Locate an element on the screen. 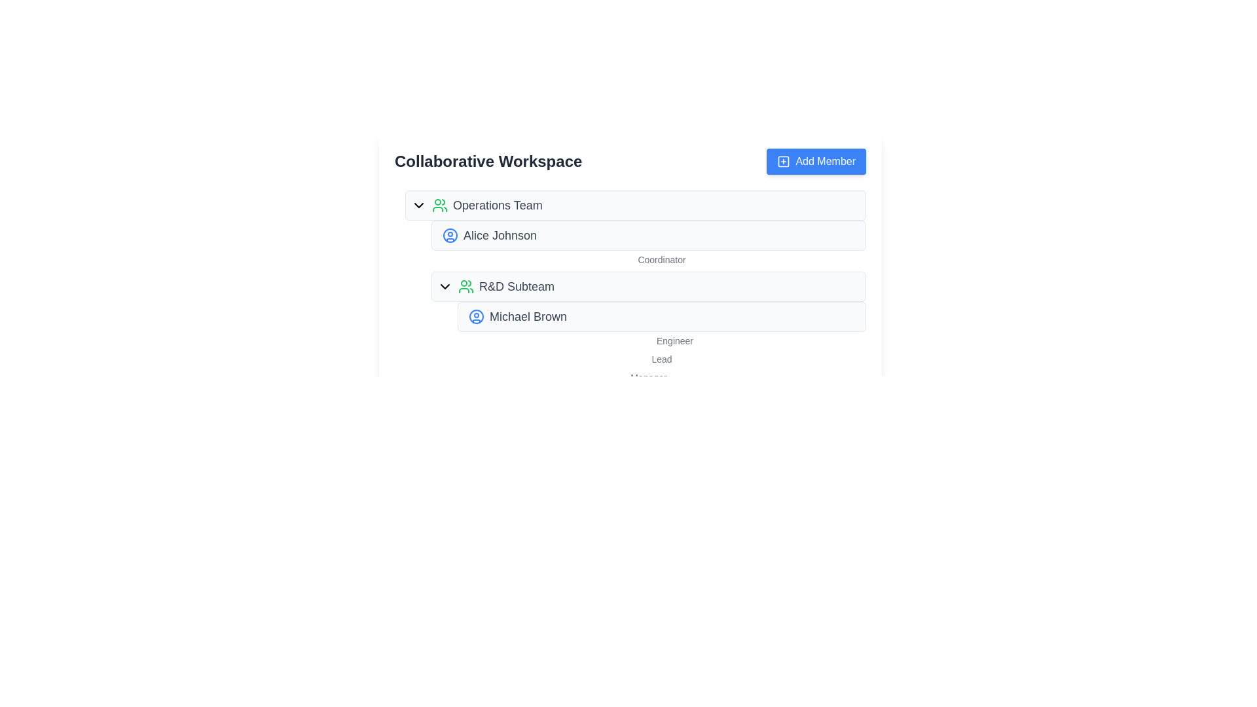 Image resolution: width=1257 pixels, height=707 pixels. the SVG circle decorative element representing the outermost circular outline of the avatar icon for 'Alice Johnson' under the 'Operations Team' section is located at coordinates (450, 234).